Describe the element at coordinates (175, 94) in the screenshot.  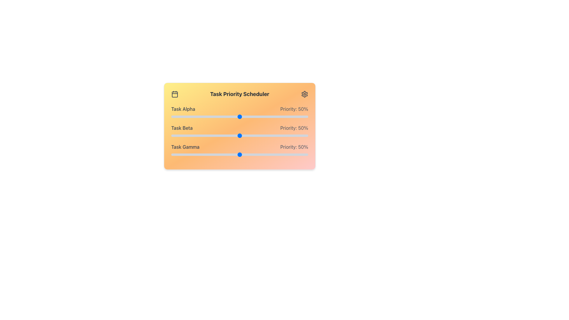
I see `the calendar icon button in the 'Task Priority Scheduler' header` at that location.